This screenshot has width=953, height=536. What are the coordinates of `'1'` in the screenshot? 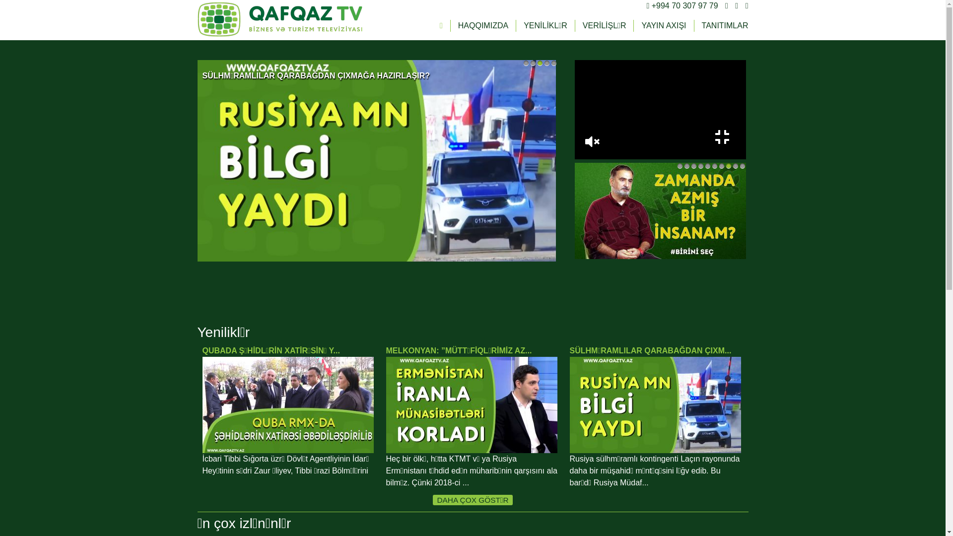 It's located at (679, 165).